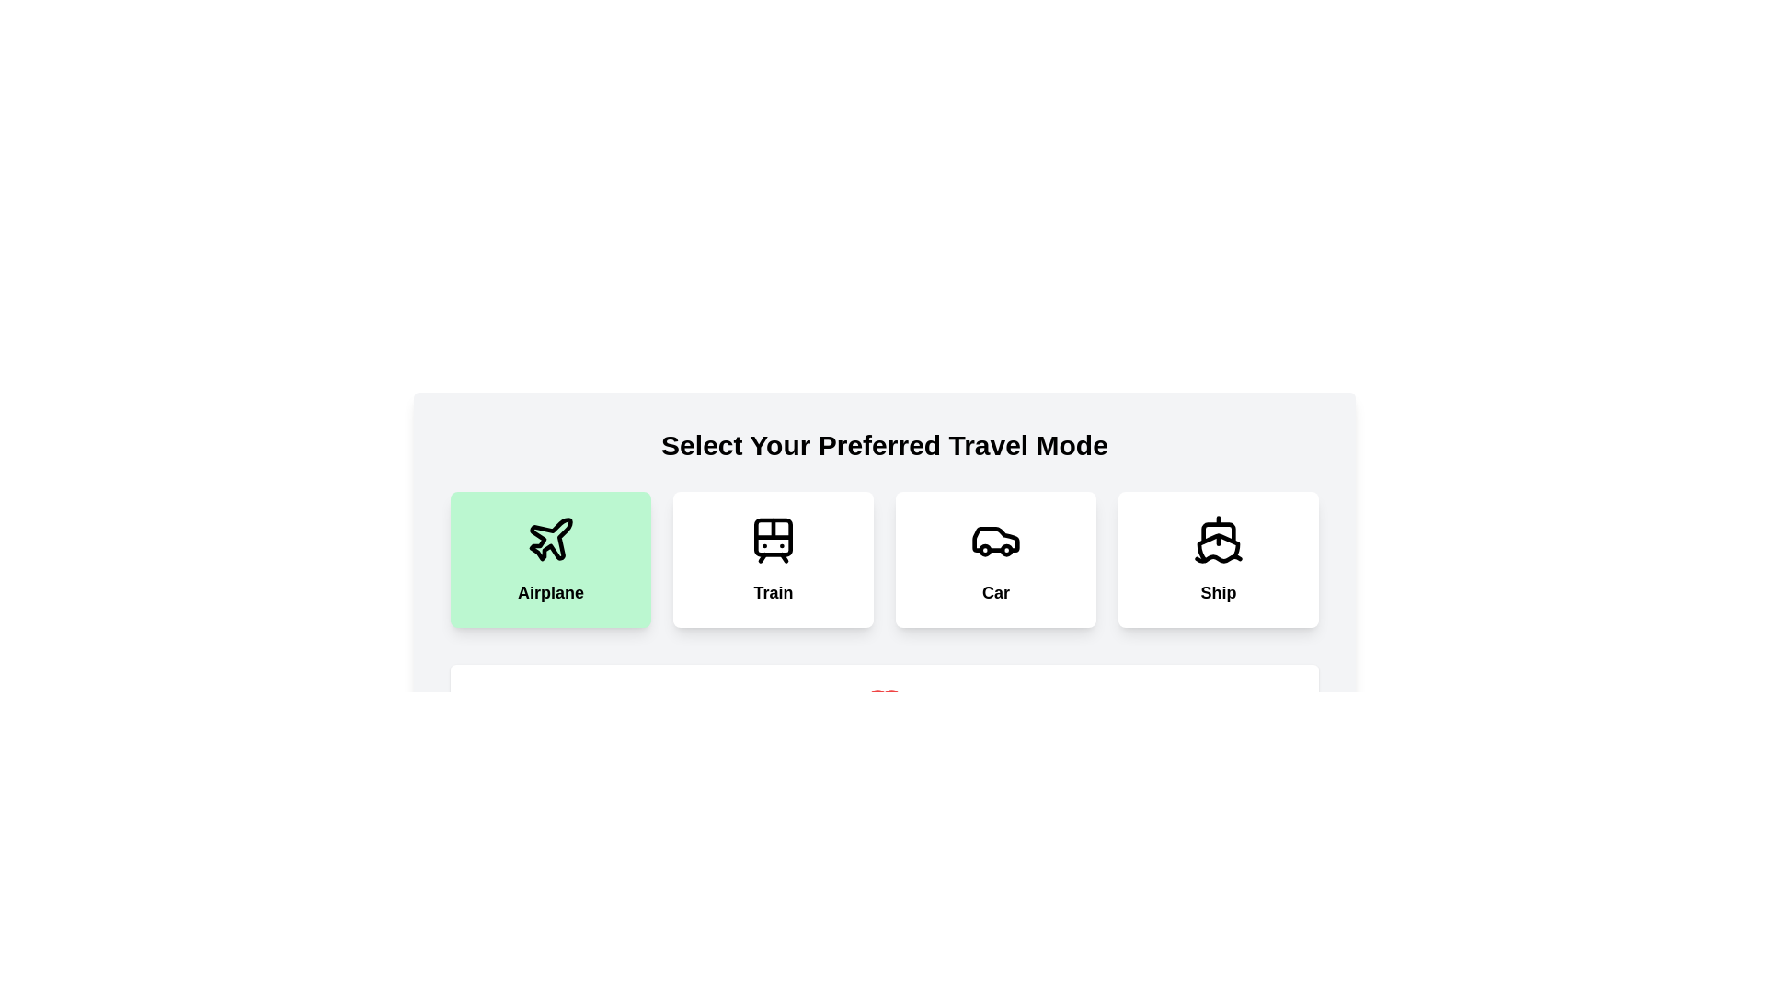  What do you see at coordinates (773, 559) in the screenshot?
I see `the interactive card labeled 'Train' which contains a centered black icon of a train and the label 'Train' in bold beneath it to observe the hover effects` at bounding box center [773, 559].